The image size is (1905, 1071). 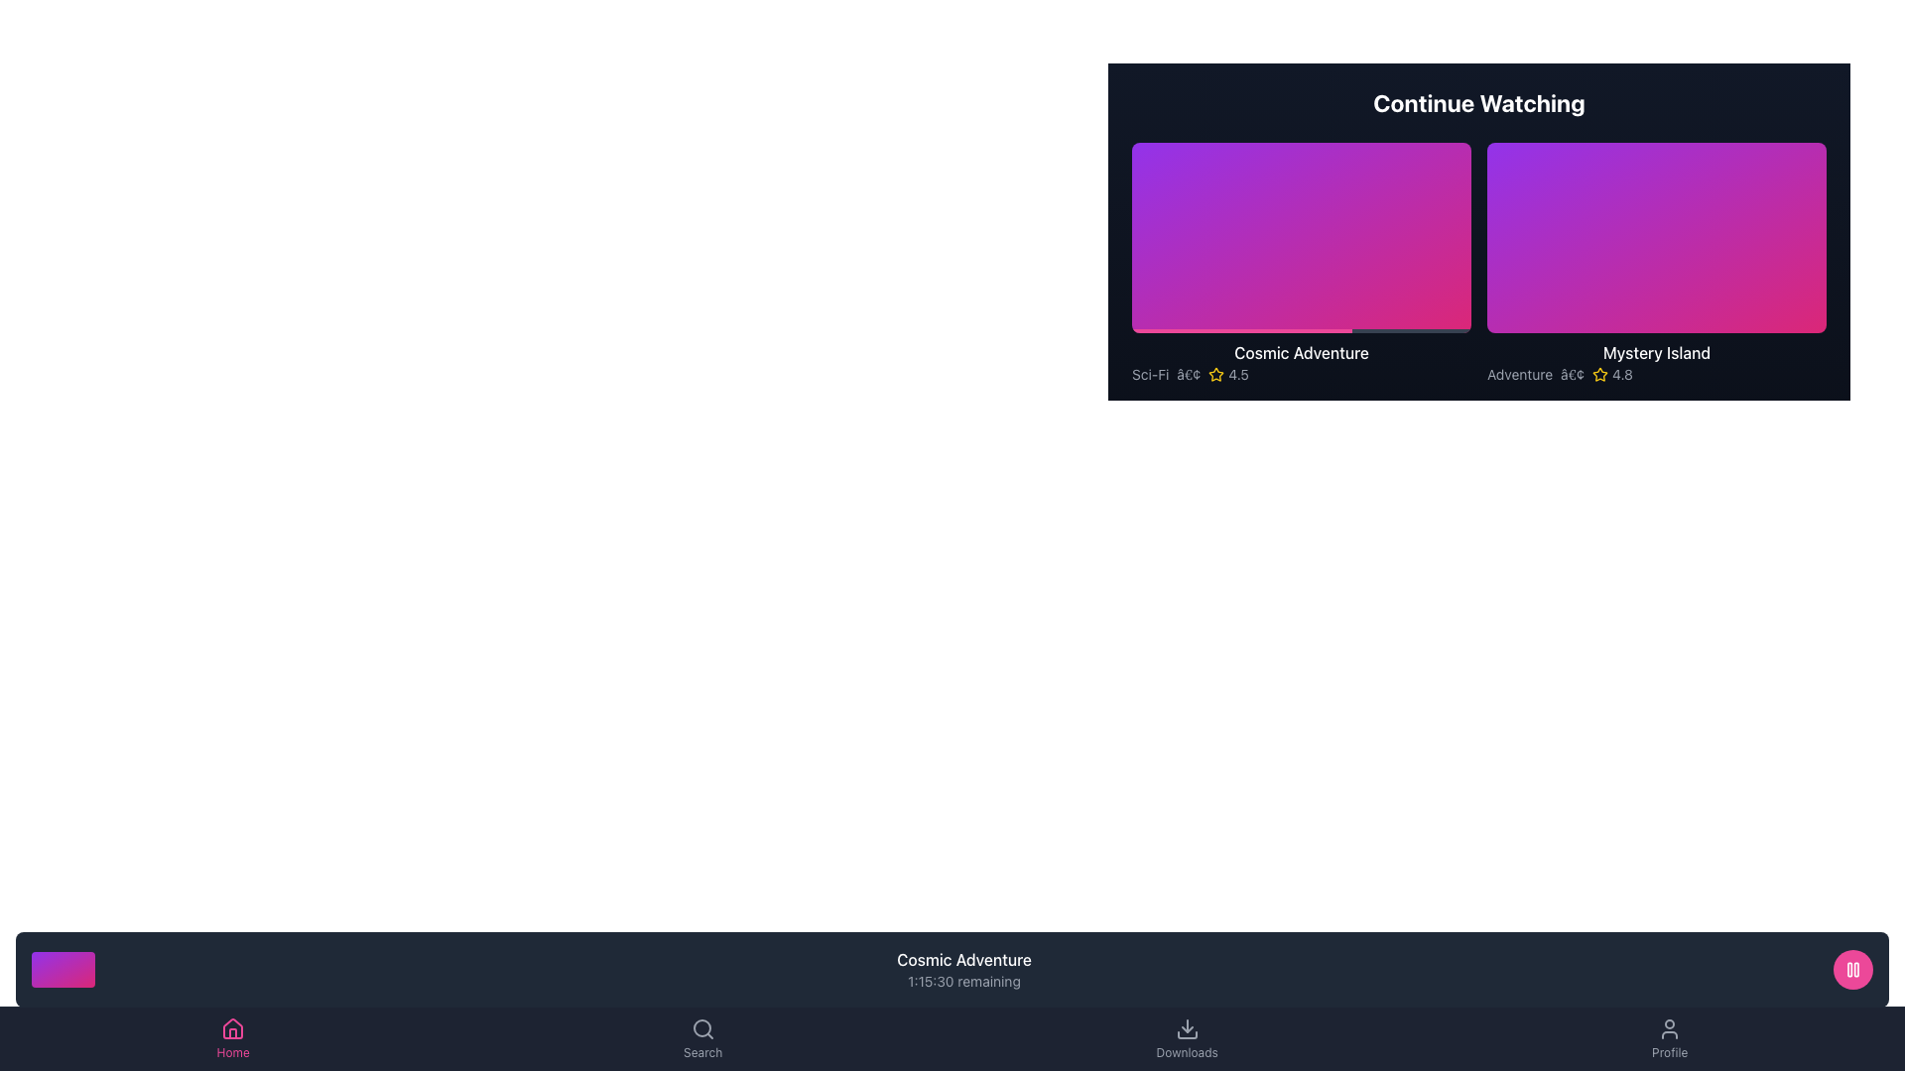 I want to click on title text displayed beneath the gradient rectangular thumbnail of the media item, so click(x=1301, y=351).